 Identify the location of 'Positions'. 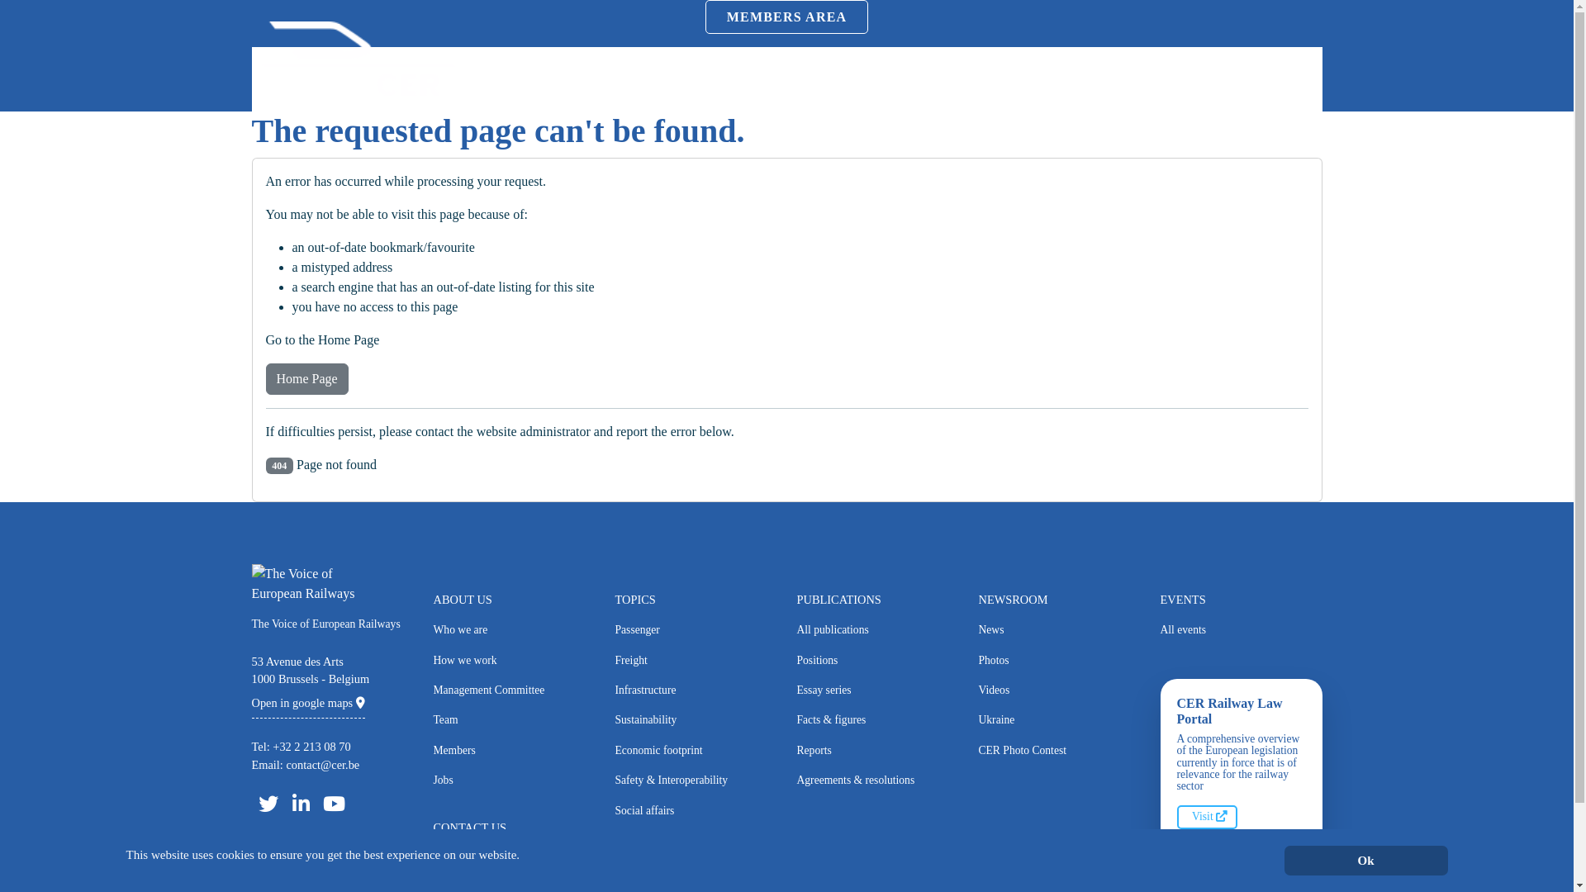
(876, 659).